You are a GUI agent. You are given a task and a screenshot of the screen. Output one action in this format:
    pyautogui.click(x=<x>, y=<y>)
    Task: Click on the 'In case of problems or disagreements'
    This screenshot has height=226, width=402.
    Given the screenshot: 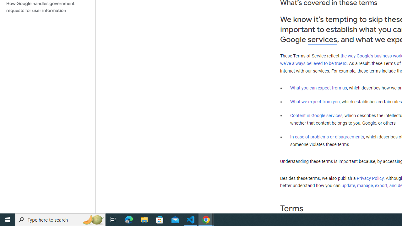 What is the action you would take?
    pyautogui.click(x=327, y=136)
    